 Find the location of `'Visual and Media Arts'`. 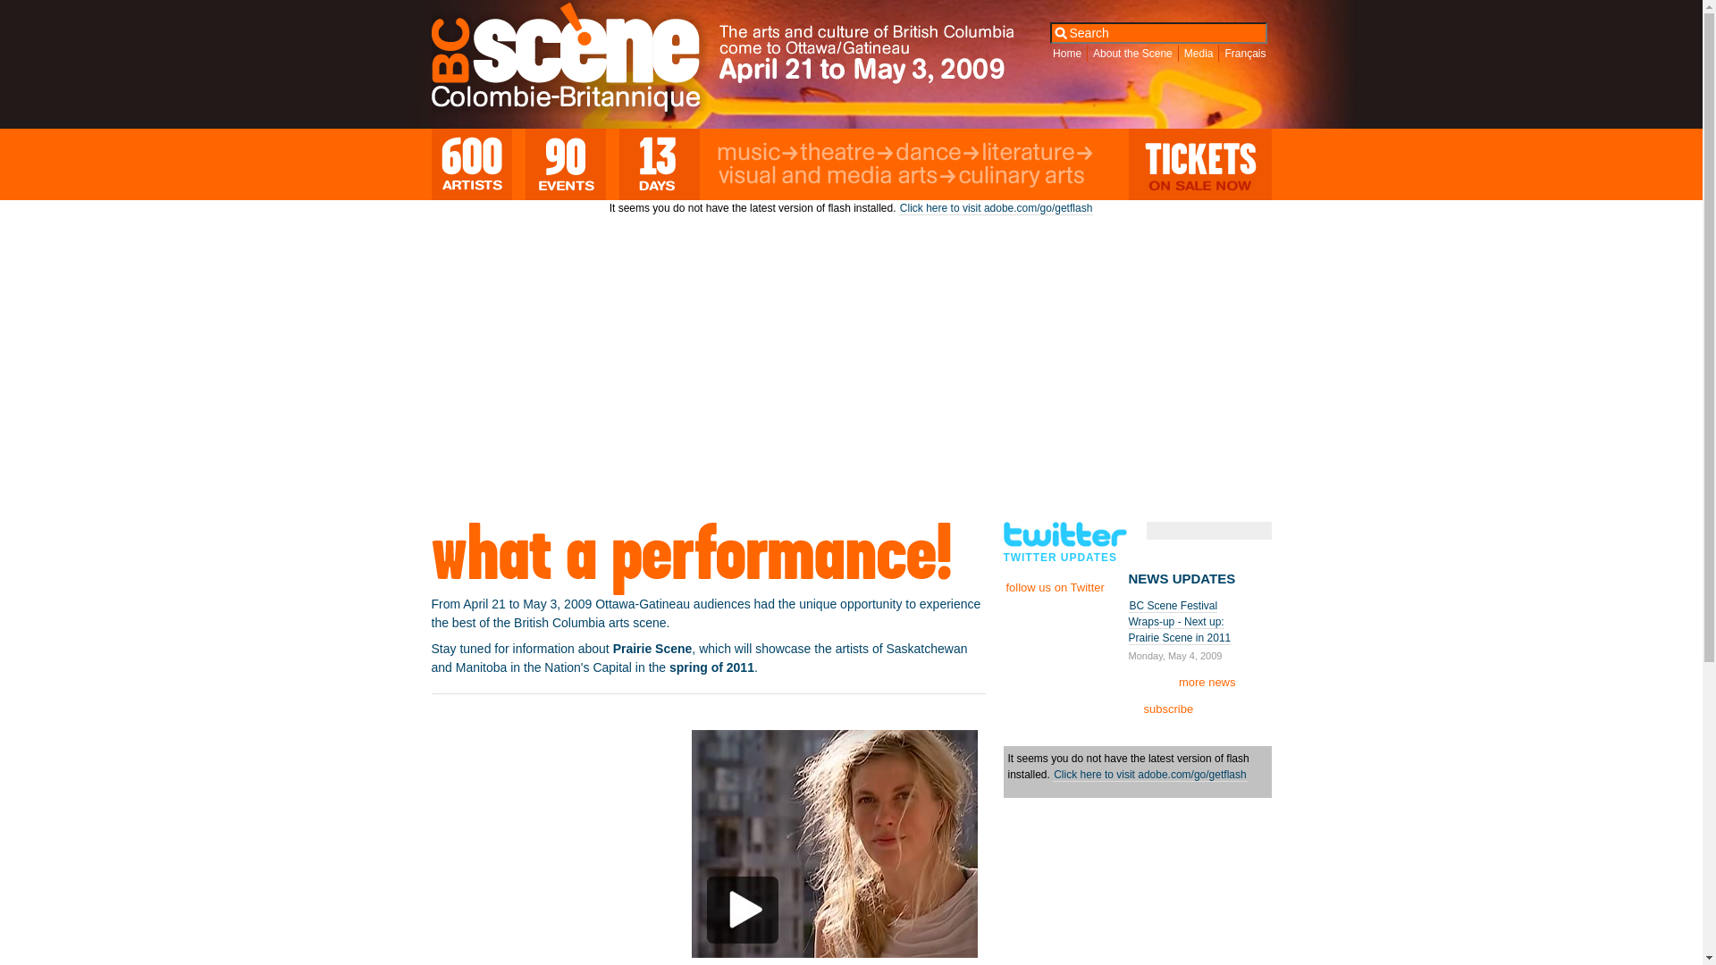

'Visual and Media Arts' is located at coordinates (716, 176).